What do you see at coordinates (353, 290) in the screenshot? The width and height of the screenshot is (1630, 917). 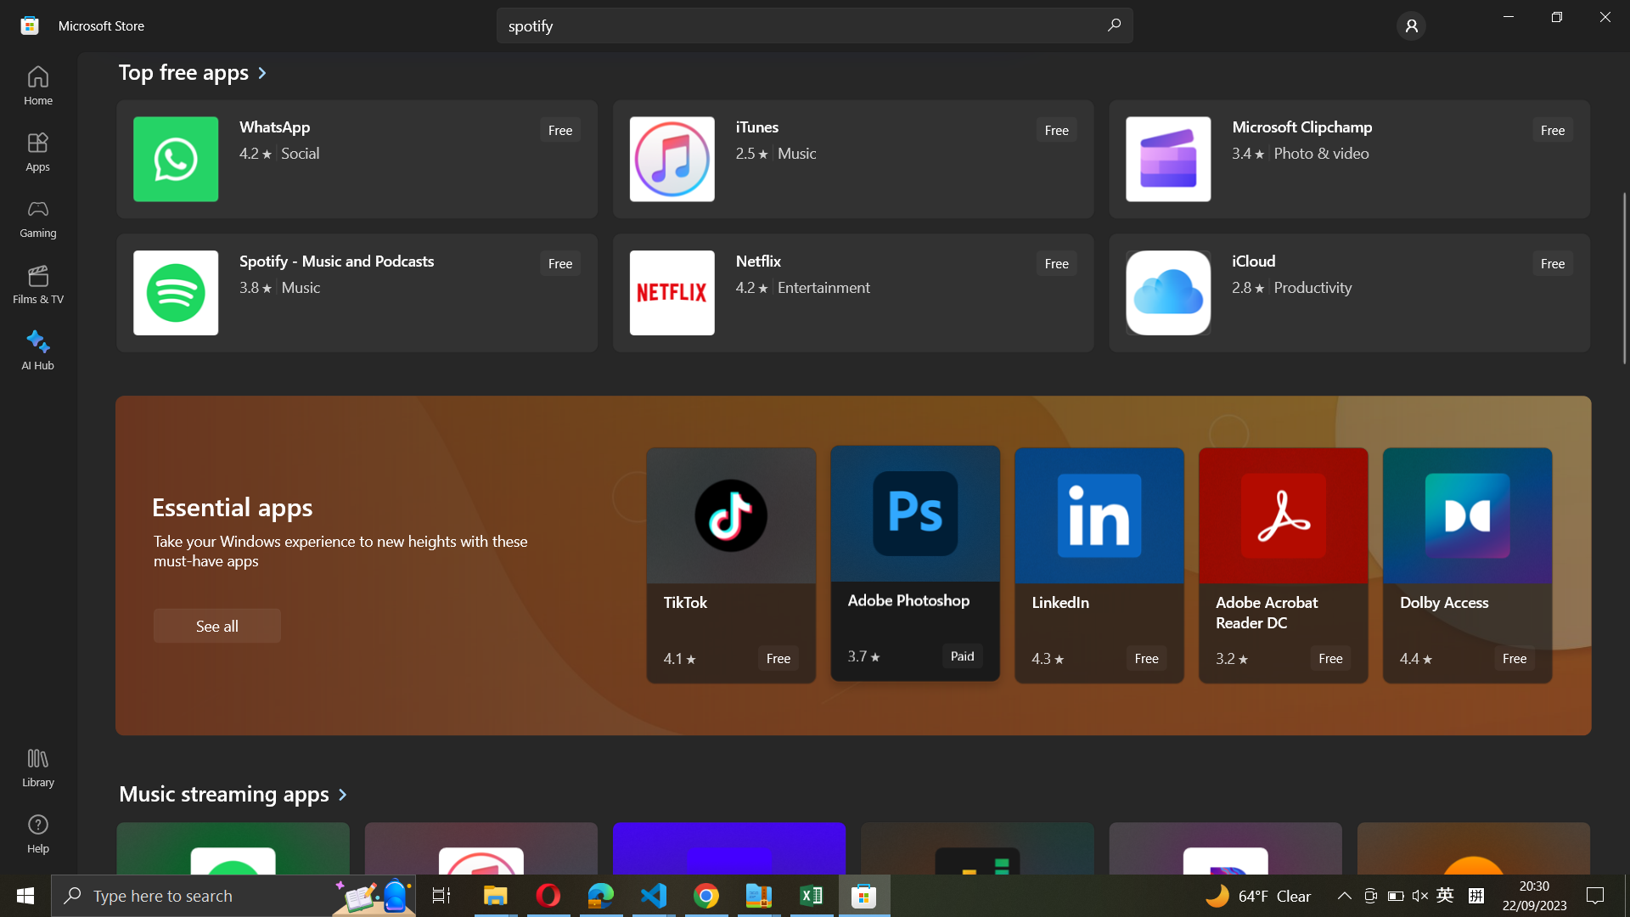 I see `Start Spotify Music Player` at bounding box center [353, 290].